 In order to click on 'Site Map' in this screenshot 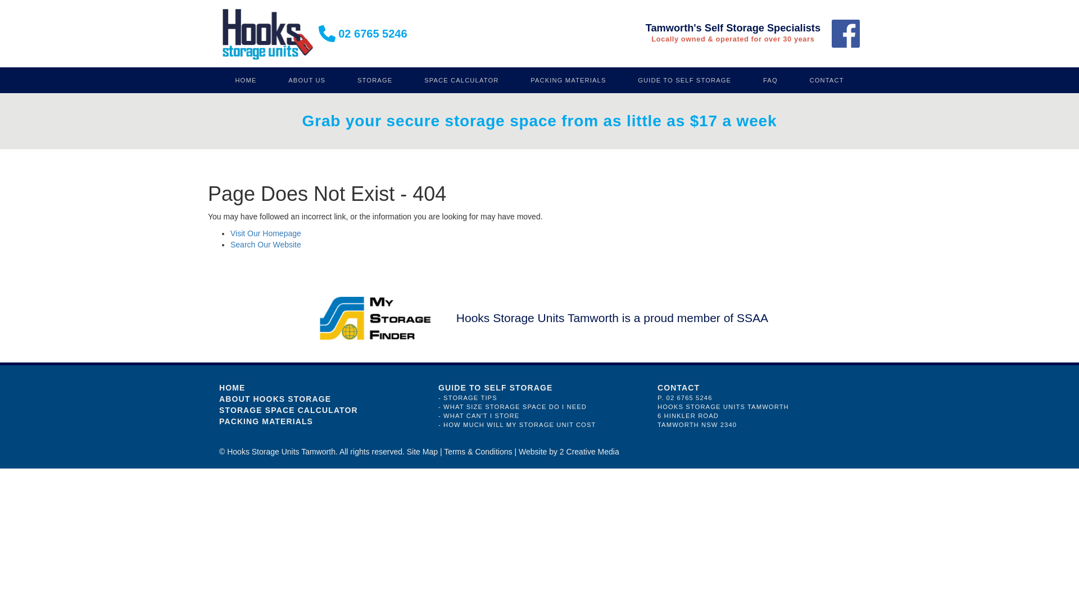, I will do `click(406, 451)`.